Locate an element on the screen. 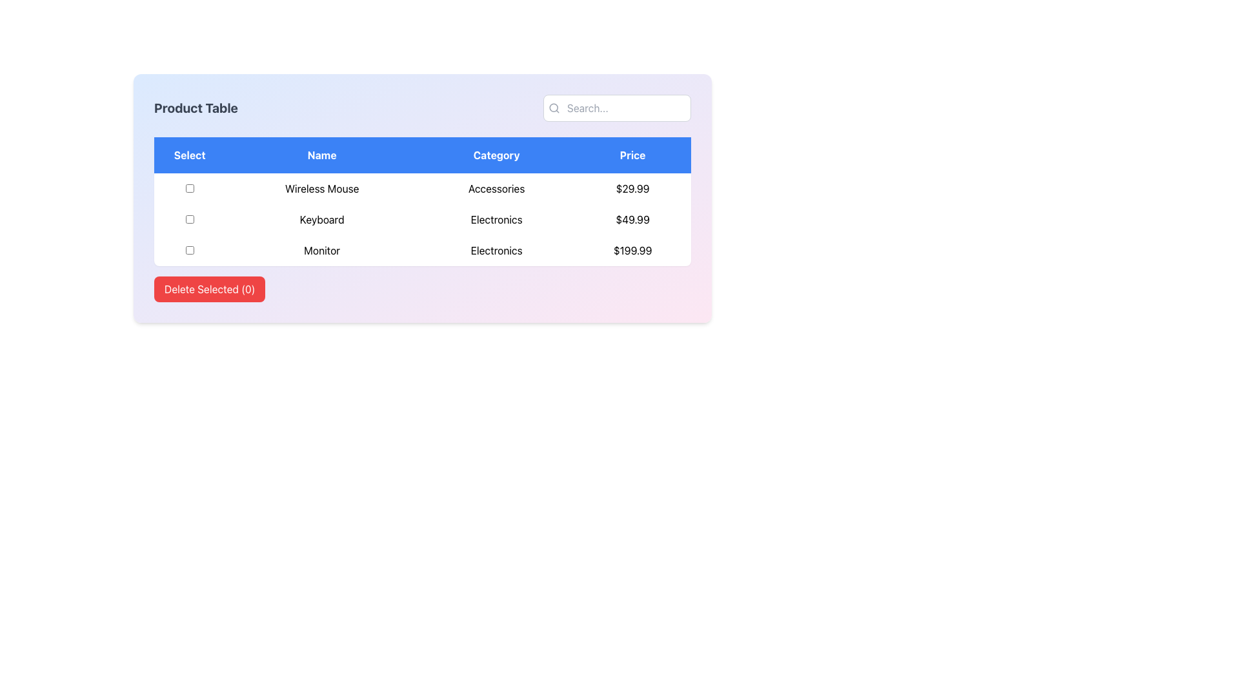 This screenshot has width=1239, height=696. the unchecked checkbox located is located at coordinates (189, 218).